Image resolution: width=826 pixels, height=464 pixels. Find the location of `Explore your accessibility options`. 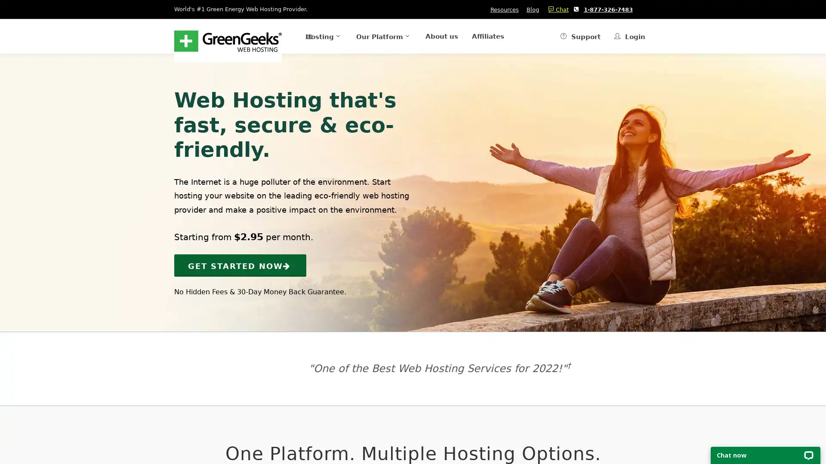

Explore your accessibility options is located at coordinates (14, 420).